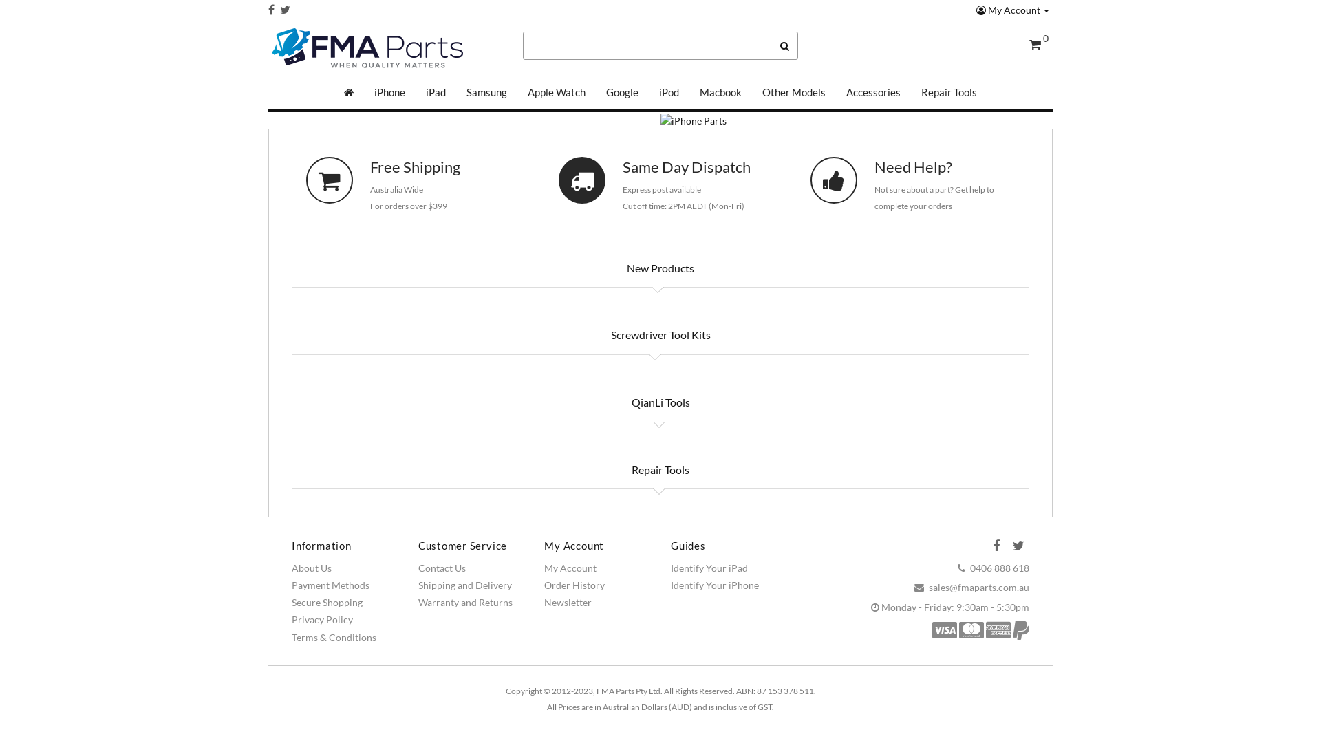 This screenshot has height=743, width=1321. Describe the element at coordinates (568, 601) in the screenshot. I see `'Newsletter'` at that location.